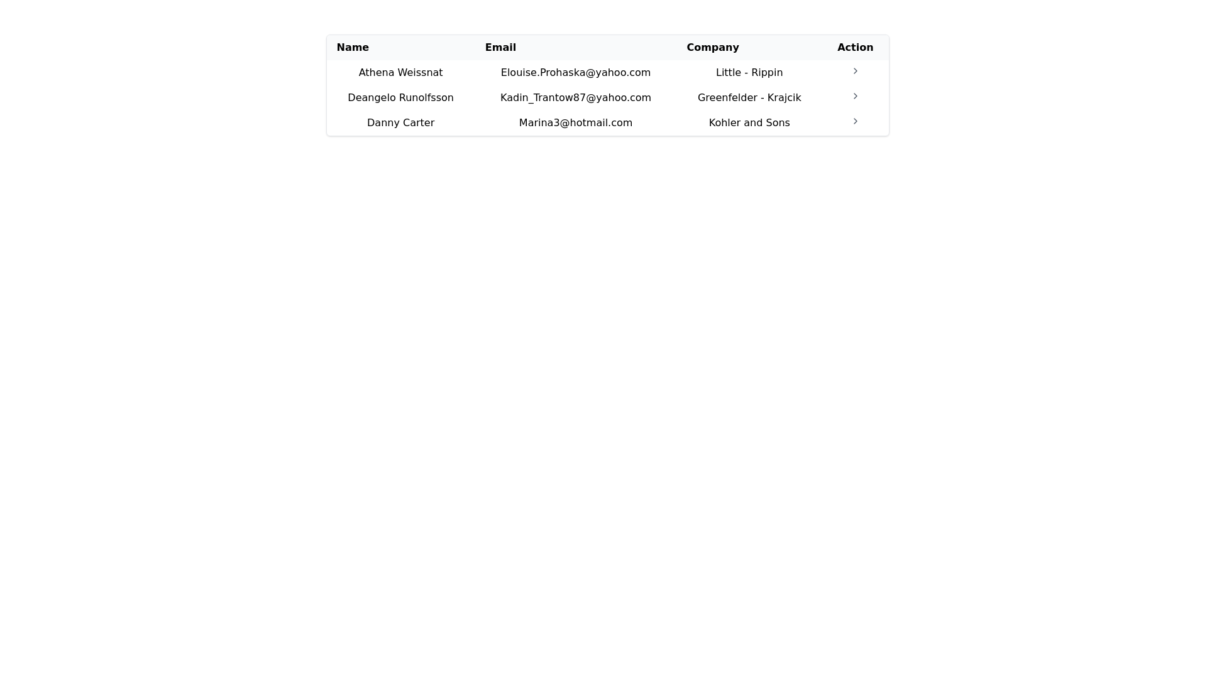 This screenshot has height=678, width=1207. What do you see at coordinates (855, 72) in the screenshot?
I see `the icon button shaped like a rightward arrow, located in the 'Action' column of the table row aligned with 'Athena Weissnat' and 'Little - Rippin', positioned at the far-right side` at bounding box center [855, 72].